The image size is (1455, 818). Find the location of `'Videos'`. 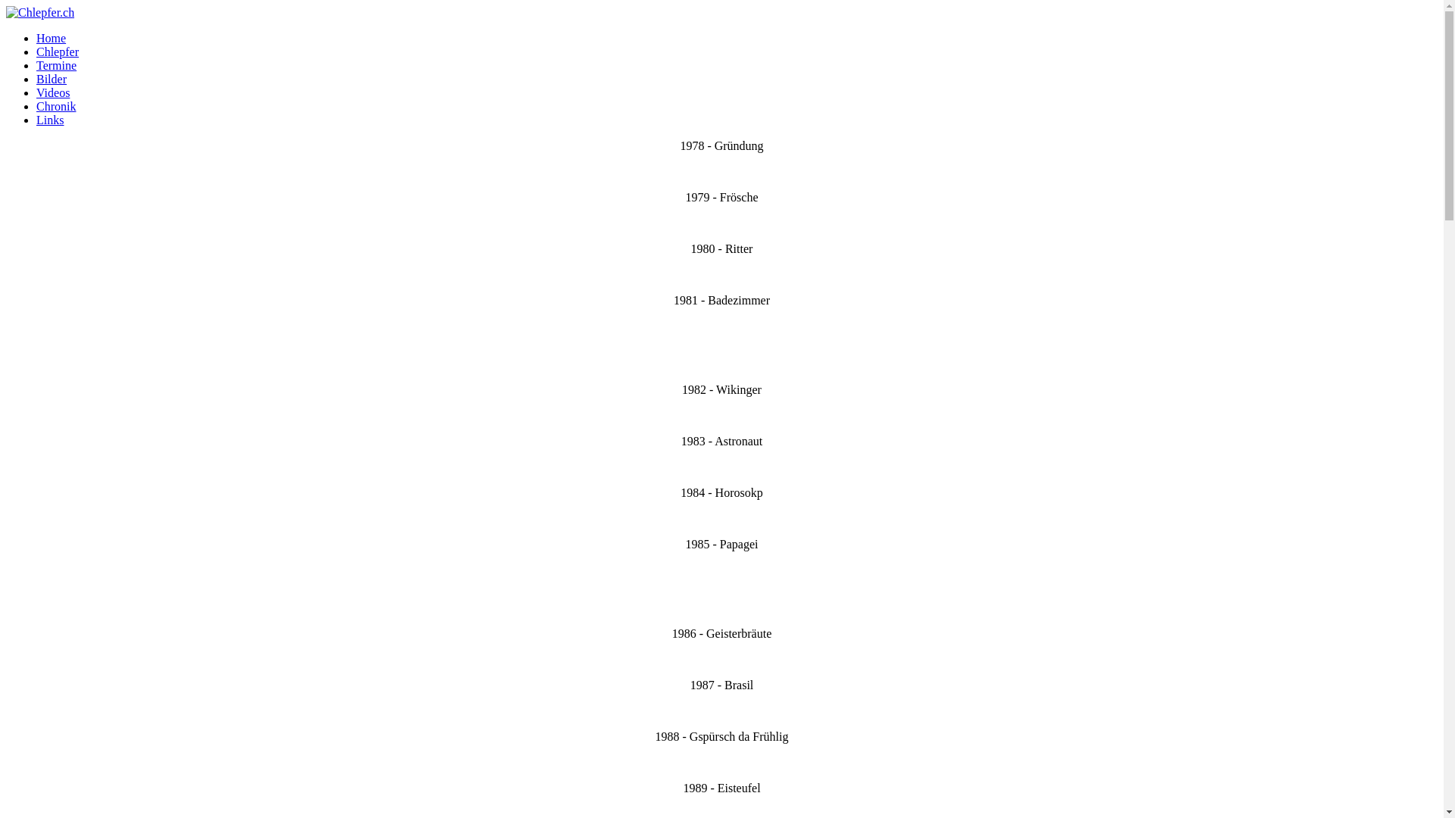

'Videos' is located at coordinates (53, 92).